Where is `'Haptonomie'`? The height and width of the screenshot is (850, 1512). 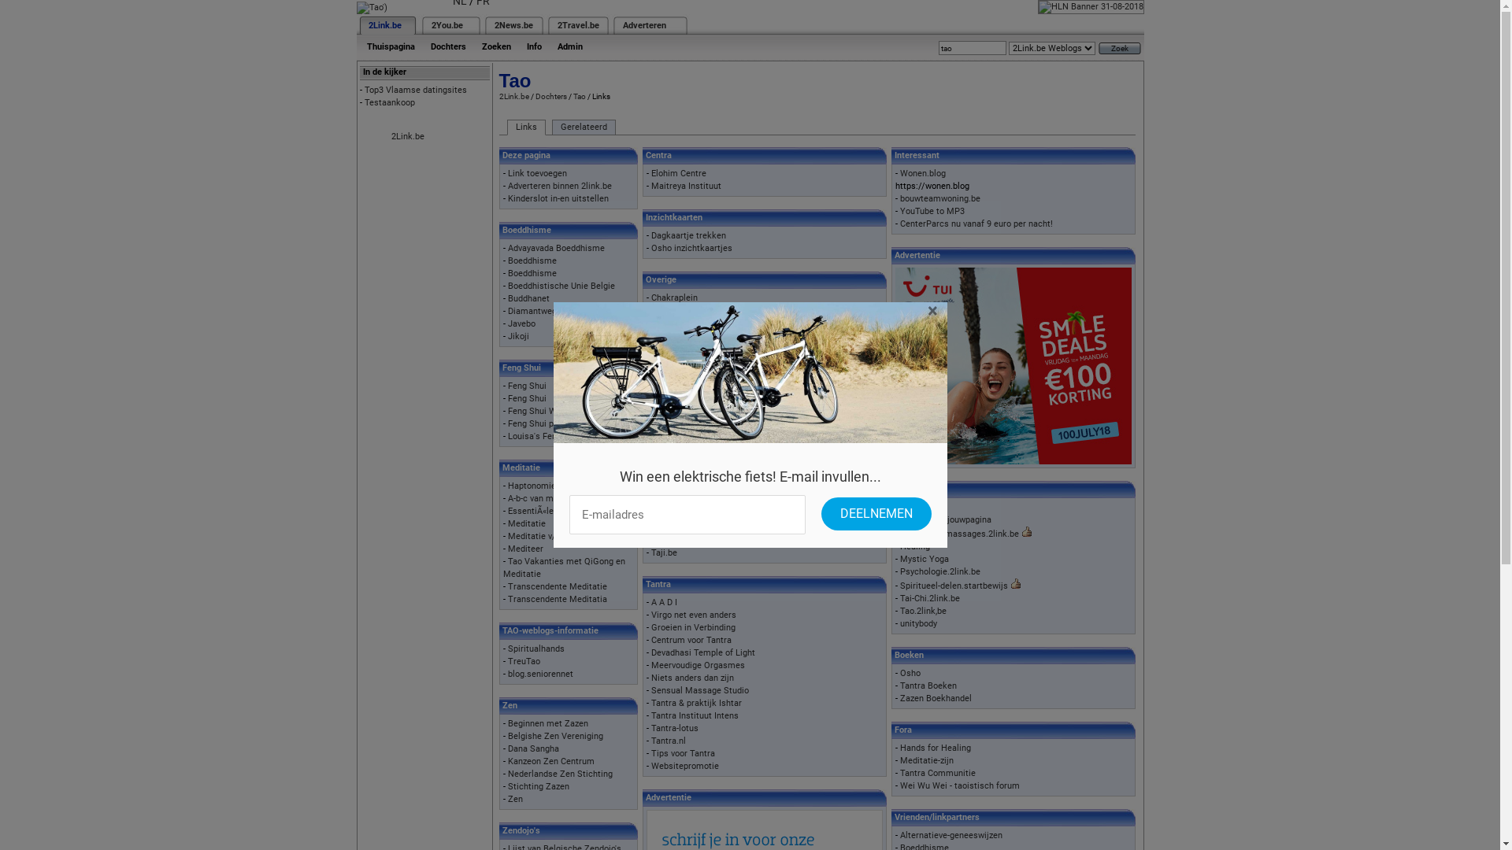 'Haptonomie' is located at coordinates (531, 485).